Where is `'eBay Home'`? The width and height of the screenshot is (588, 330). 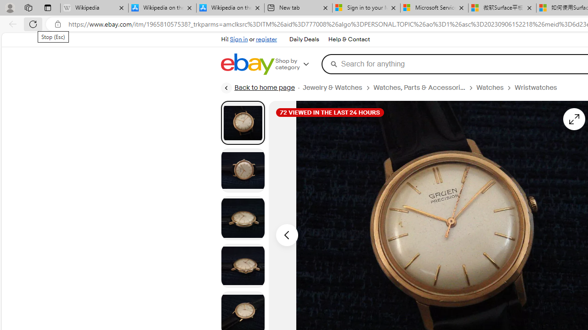 'eBay Home' is located at coordinates (247, 64).